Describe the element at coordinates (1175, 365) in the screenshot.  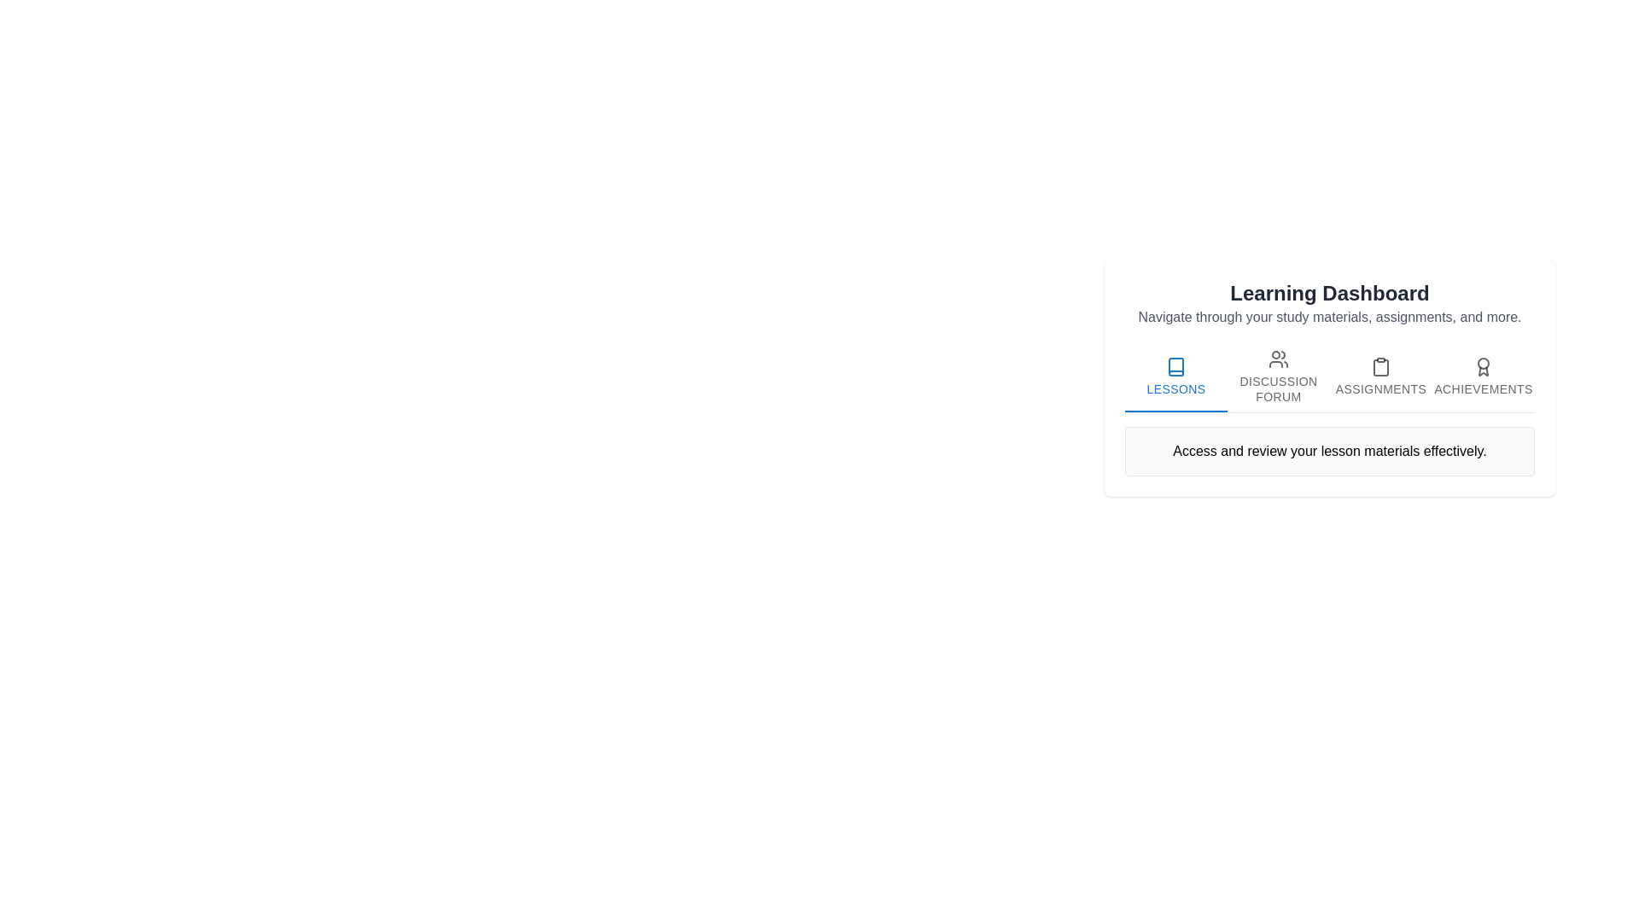
I see `the 'Lessons' icon located at the top-left corner of the navigation bar within the dashboard interface` at that location.